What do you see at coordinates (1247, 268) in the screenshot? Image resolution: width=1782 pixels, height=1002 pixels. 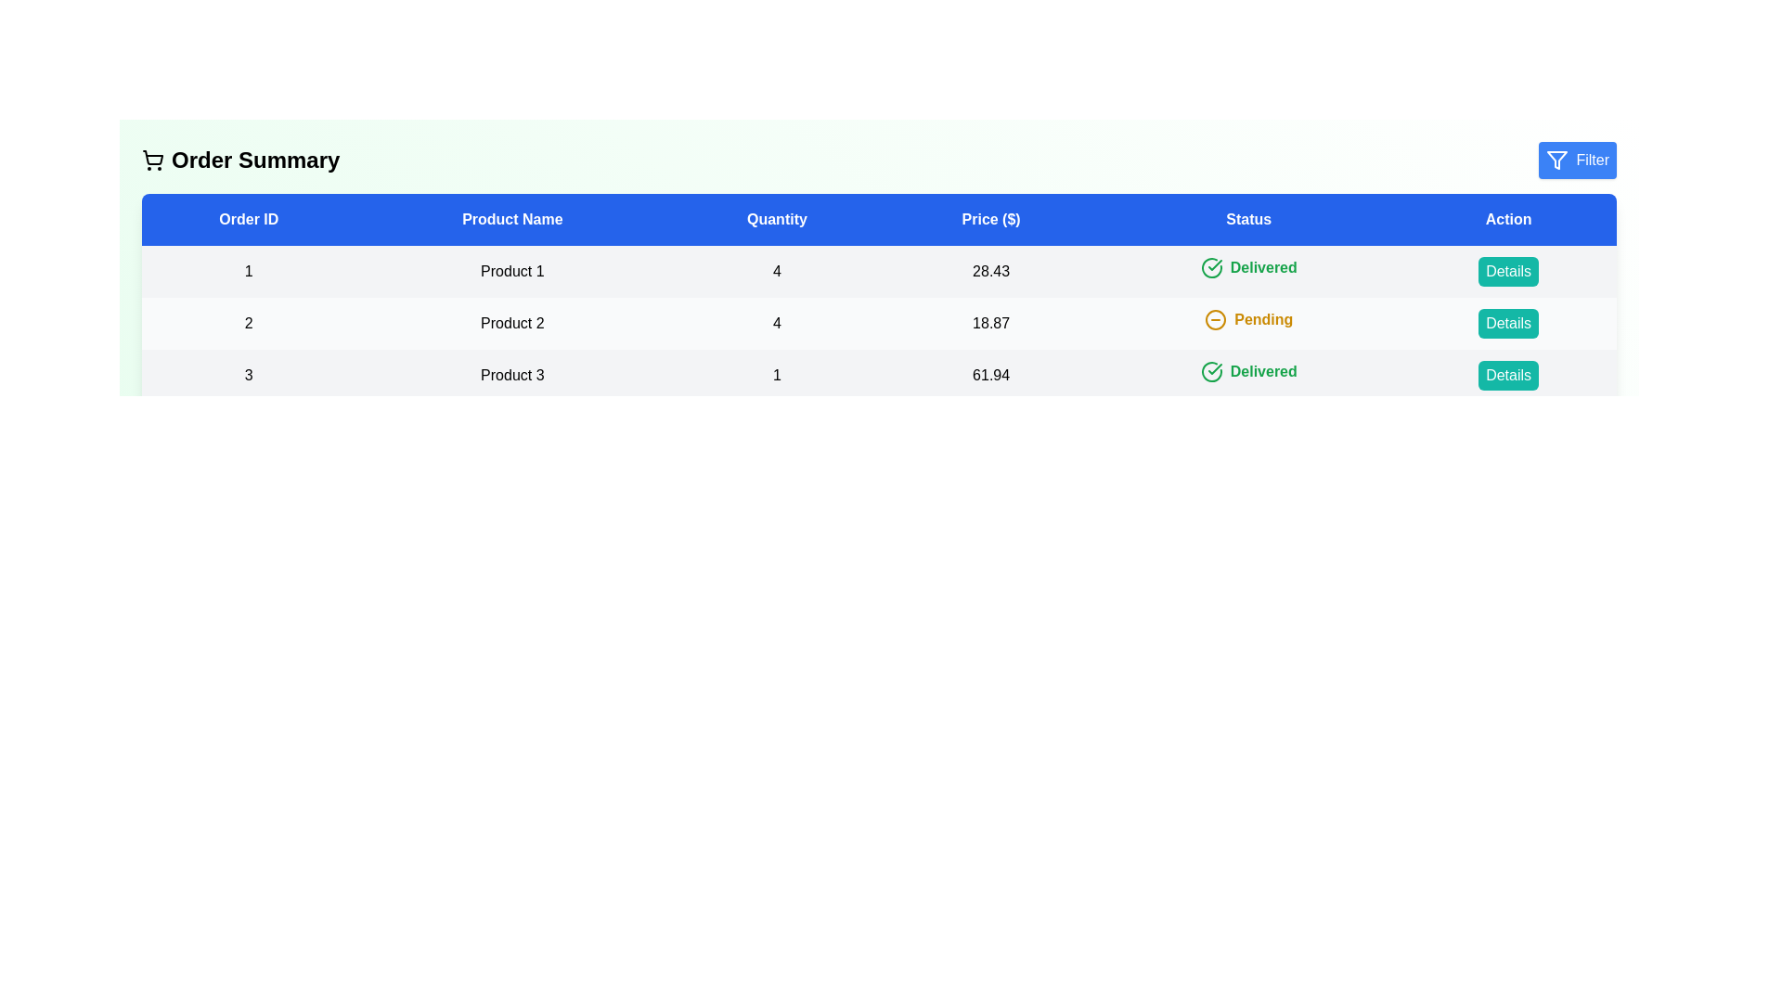 I see `the status of order with ID 1` at bounding box center [1247, 268].